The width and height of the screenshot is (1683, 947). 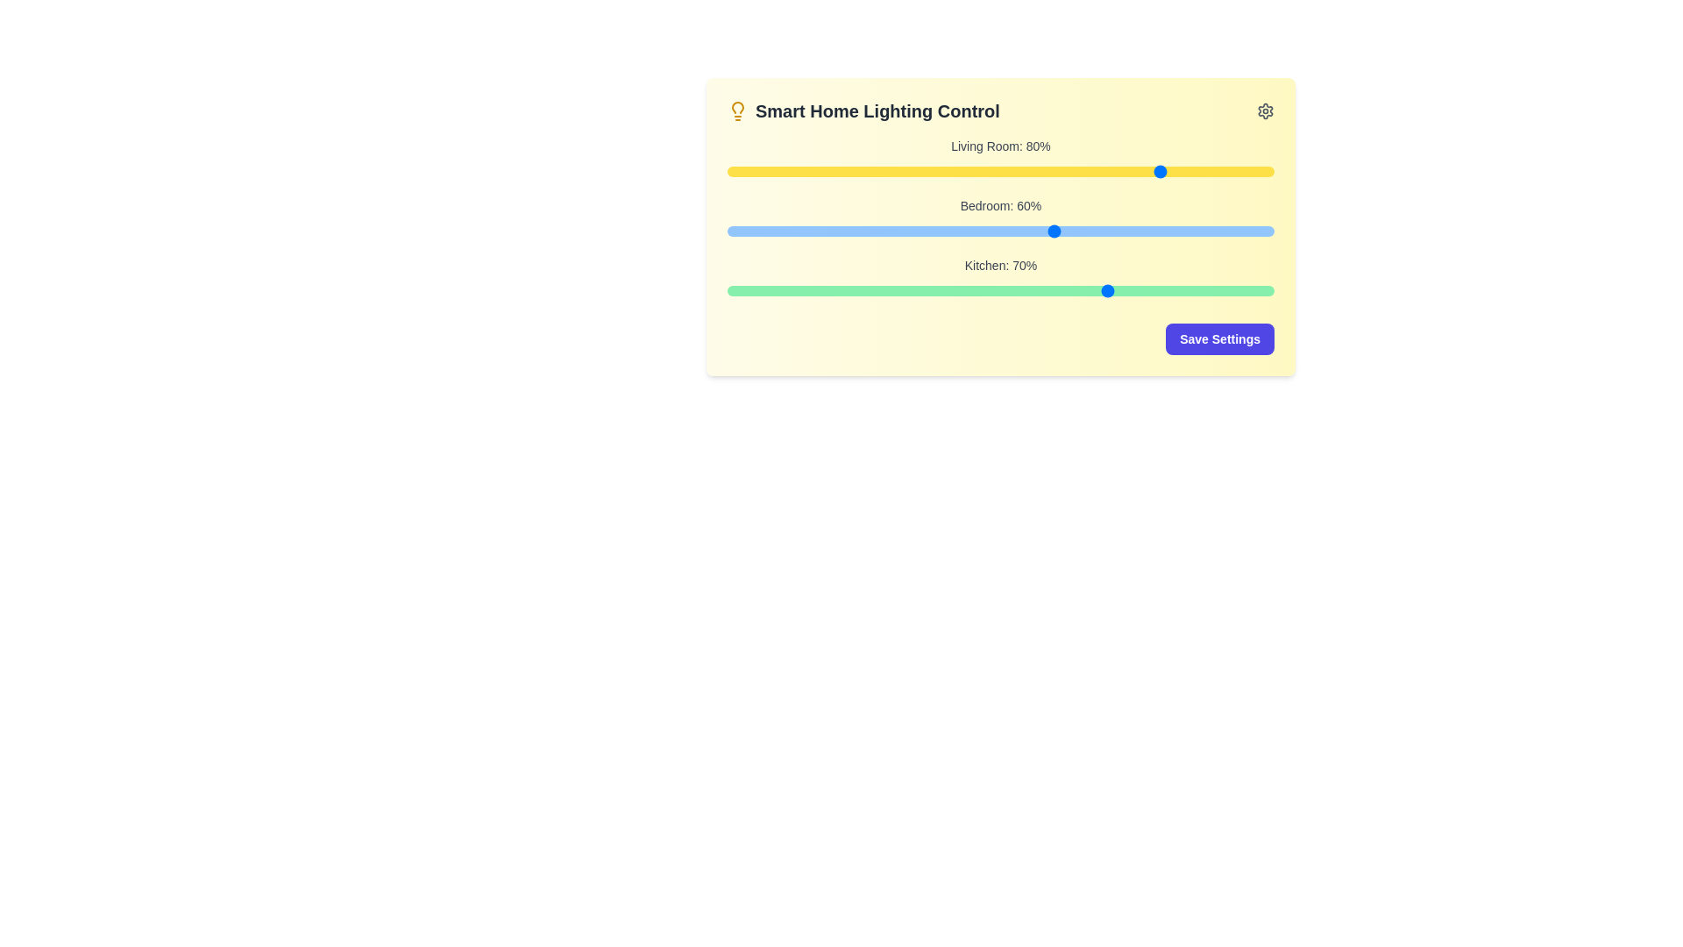 I want to click on the settings icon button located at the top-right corner of the Smart Home Lighting Control section, so click(x=1266, y=111).